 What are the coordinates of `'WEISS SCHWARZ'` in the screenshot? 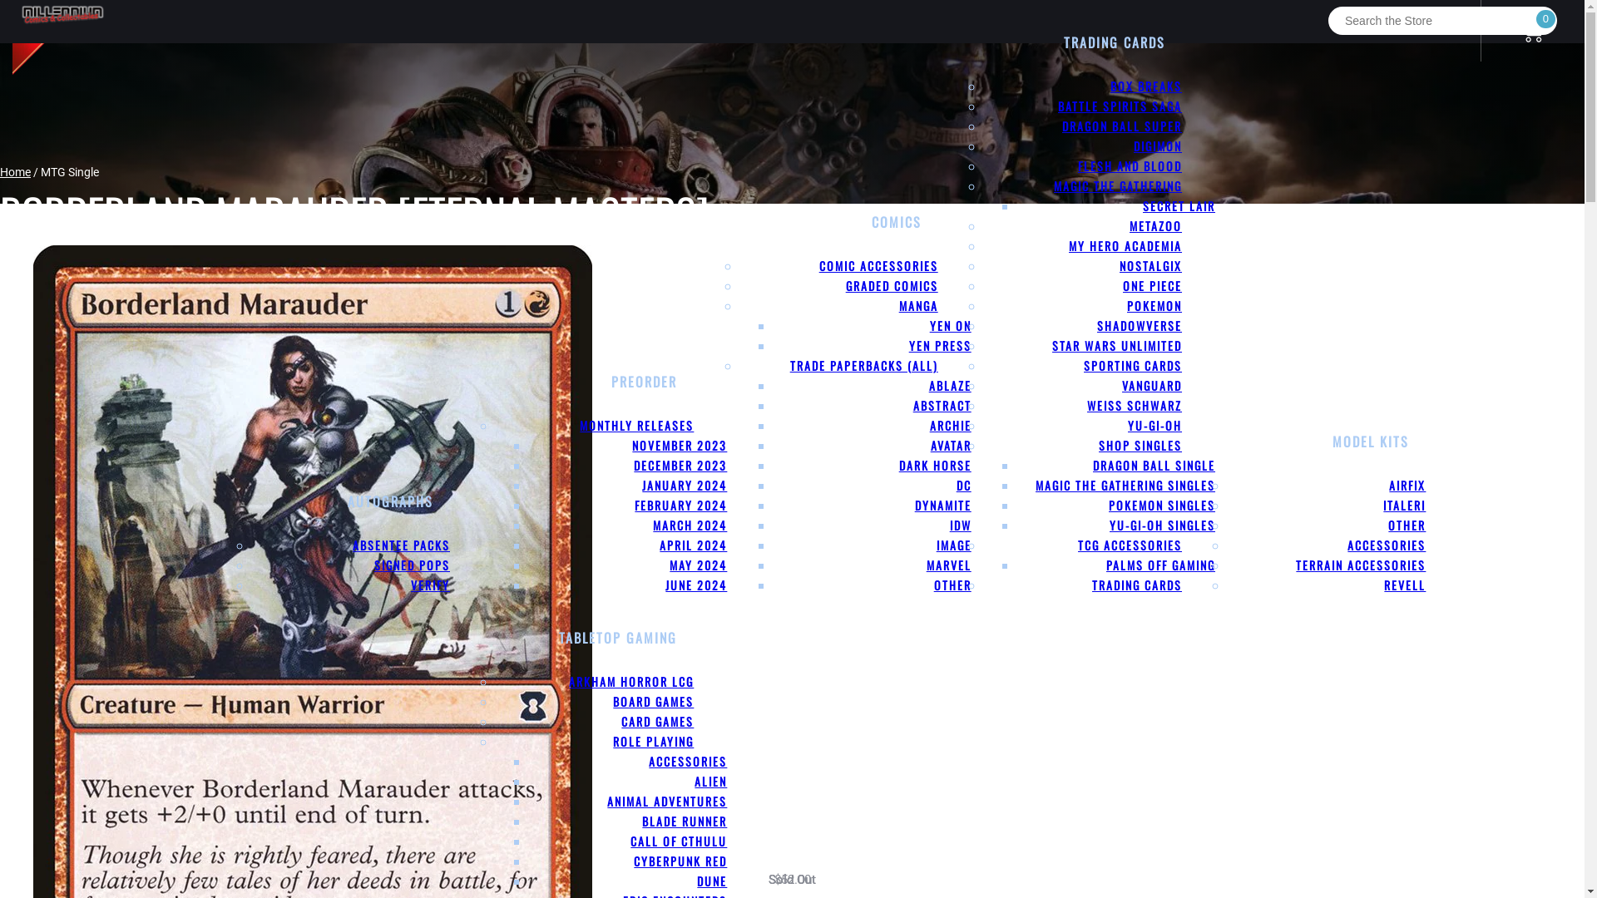 It's located at (1133, 405).